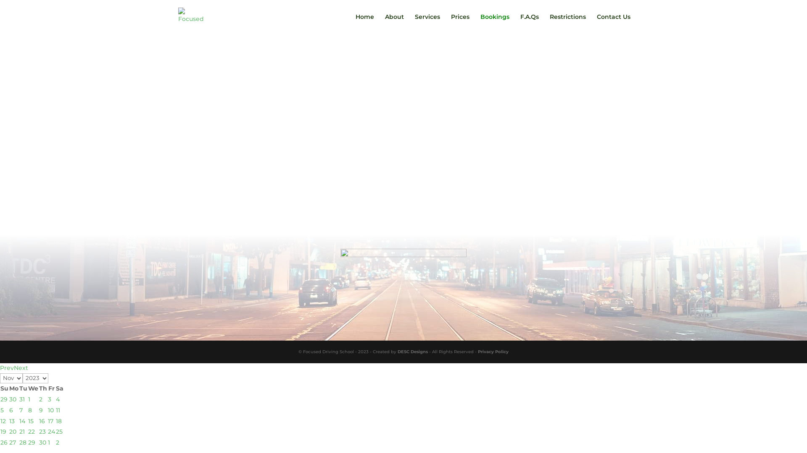 The height and width of the screenshot is (453, 807). Describe the element at coordinates (38, 432) in the screenshot. I see `'23'` at that location.